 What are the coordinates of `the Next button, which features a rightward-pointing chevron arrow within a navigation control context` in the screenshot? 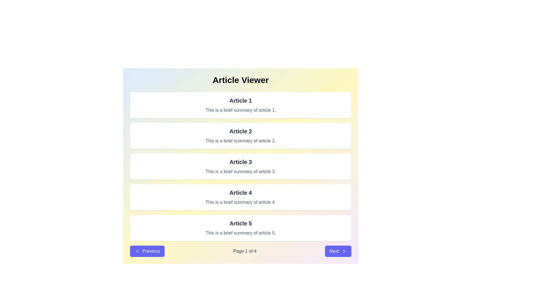 It's located at (343, 251).